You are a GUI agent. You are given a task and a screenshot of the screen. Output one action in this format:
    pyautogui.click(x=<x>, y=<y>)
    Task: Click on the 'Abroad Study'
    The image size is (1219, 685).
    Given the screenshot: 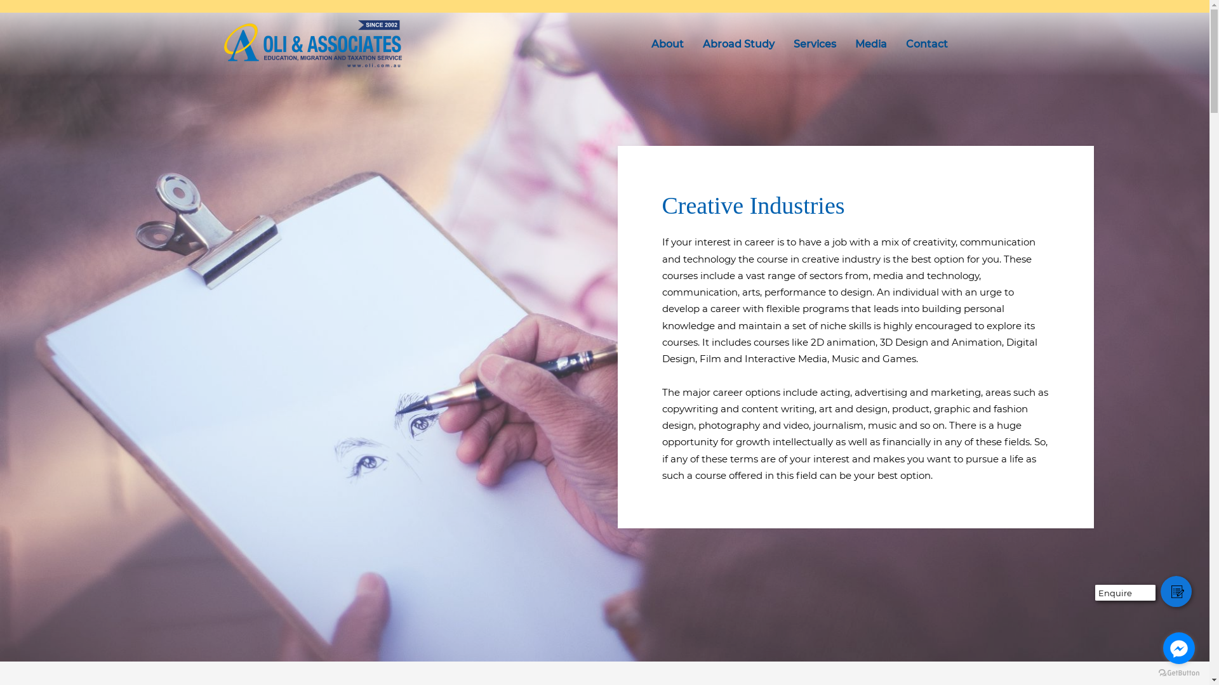 What is the action you would take?
    pyautogui.click(x=738, y=43)
    